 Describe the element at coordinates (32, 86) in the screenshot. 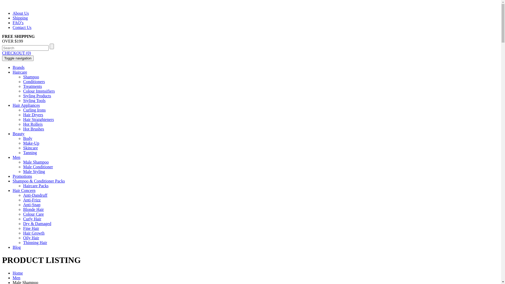

I see `'Treatments'` at that location.